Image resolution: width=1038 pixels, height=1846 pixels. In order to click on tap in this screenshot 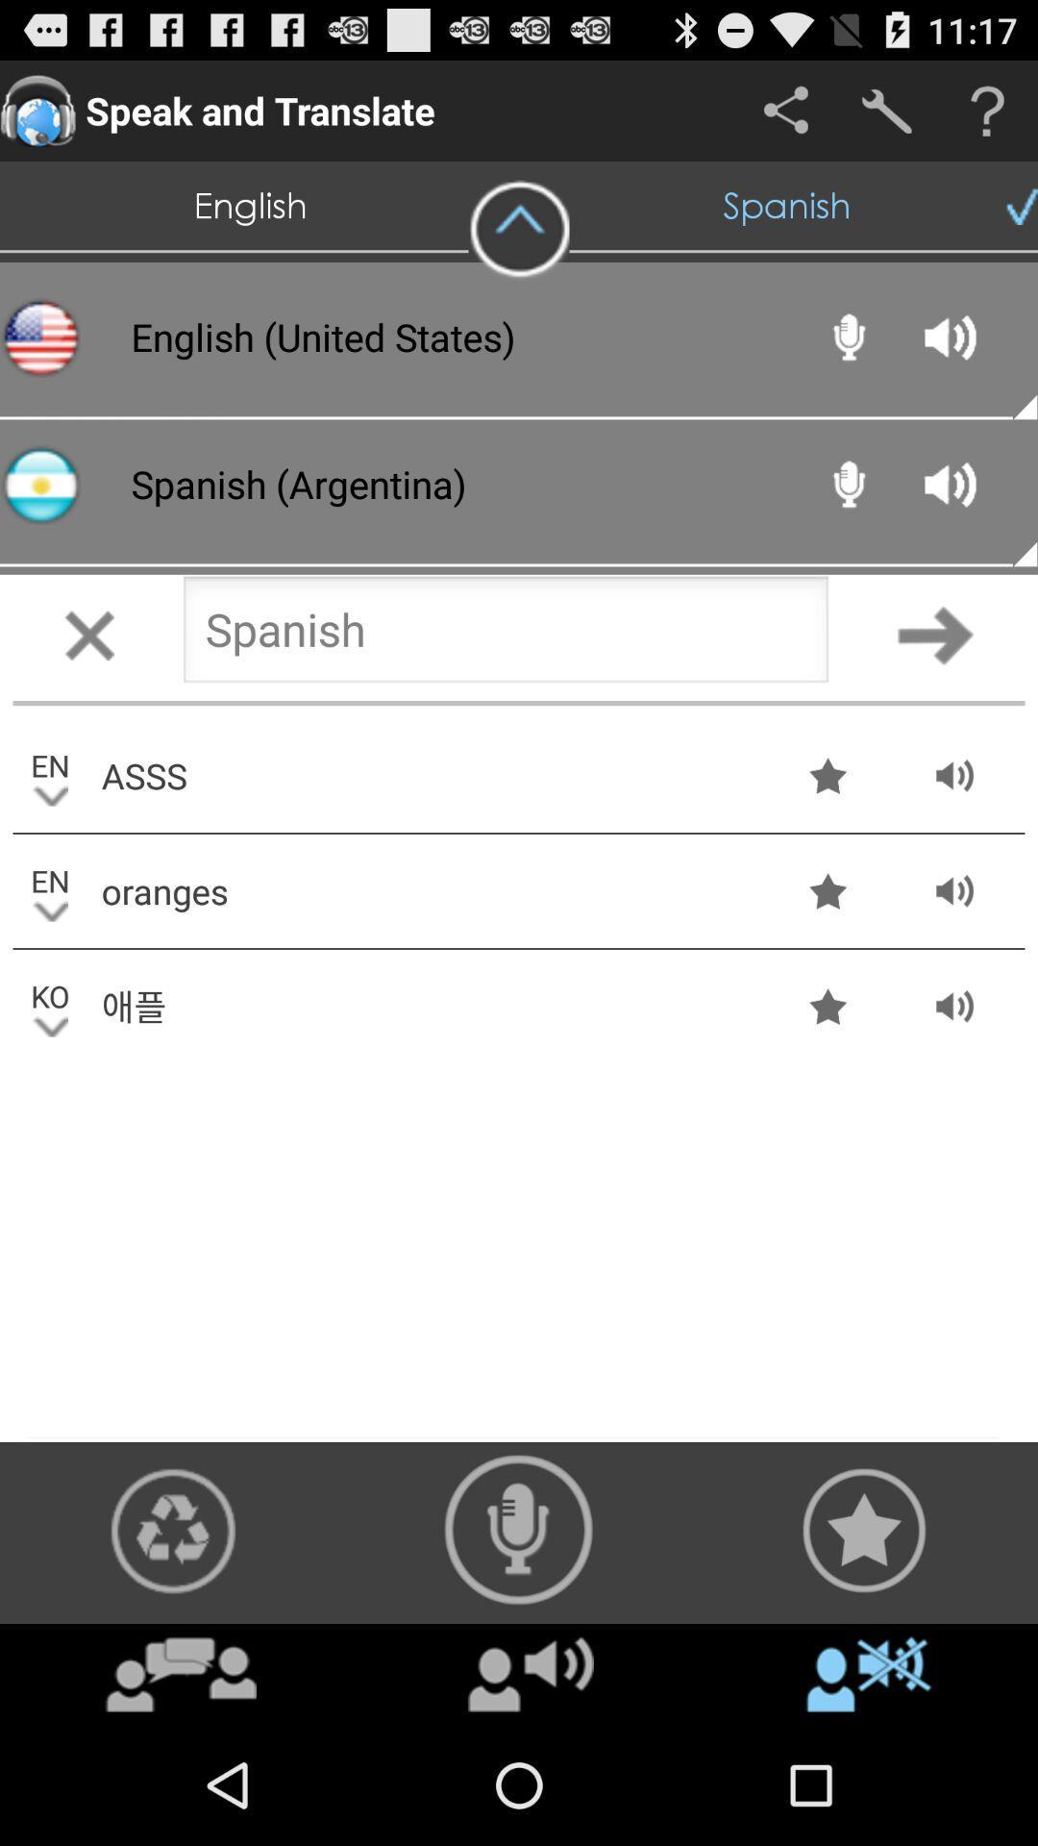, I will do `click(88, 635)`.